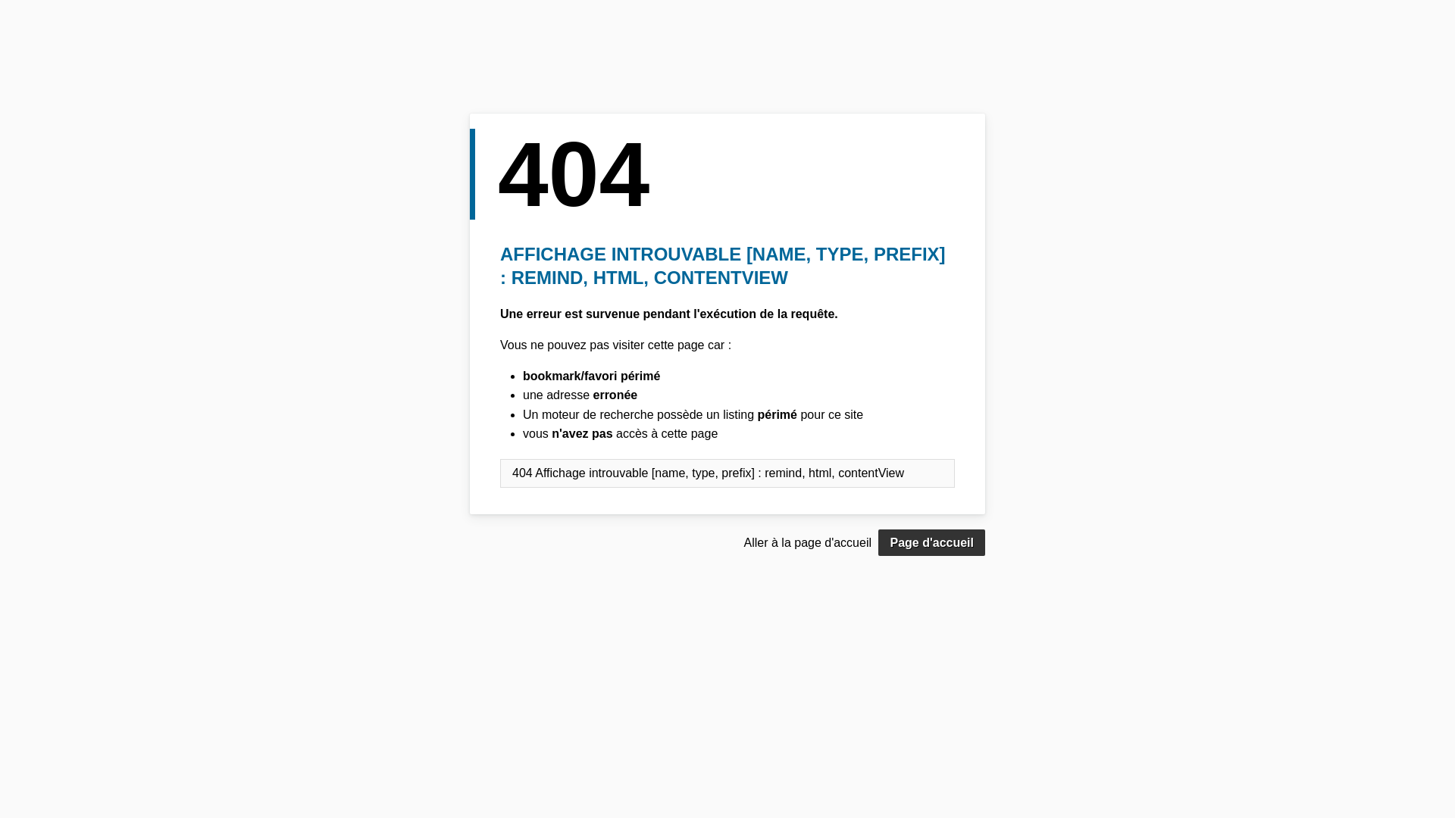  Describe the element at coordinates (931, 542) in the screenshot. I see `'Page d'accueil'` at that location.